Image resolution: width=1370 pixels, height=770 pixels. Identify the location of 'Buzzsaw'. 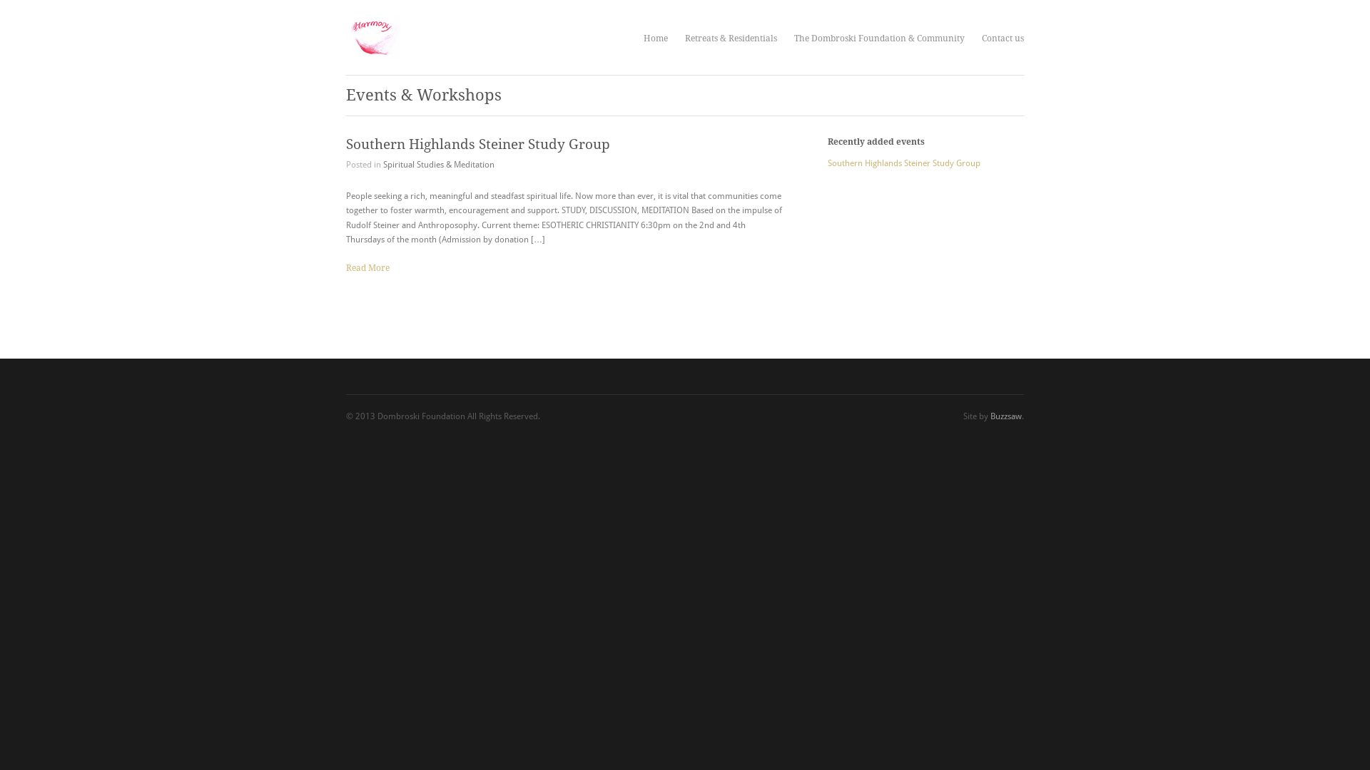
(989, 416).